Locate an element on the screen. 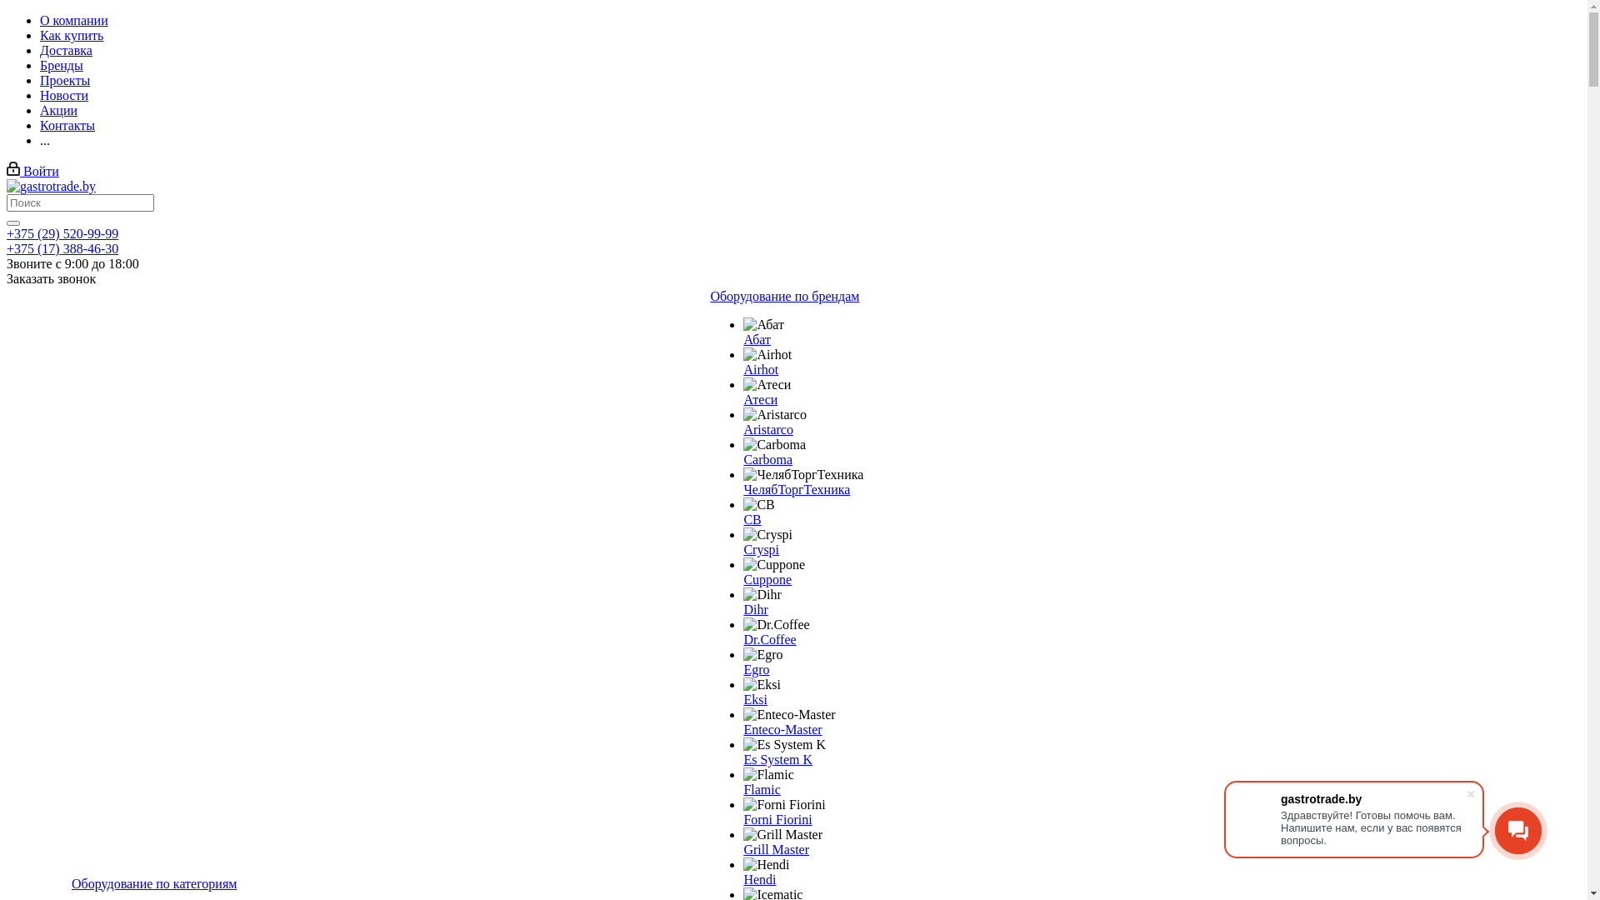 The image size is (1600, 900). 'Forni Fiorini' is located at coordinates (782, 803).